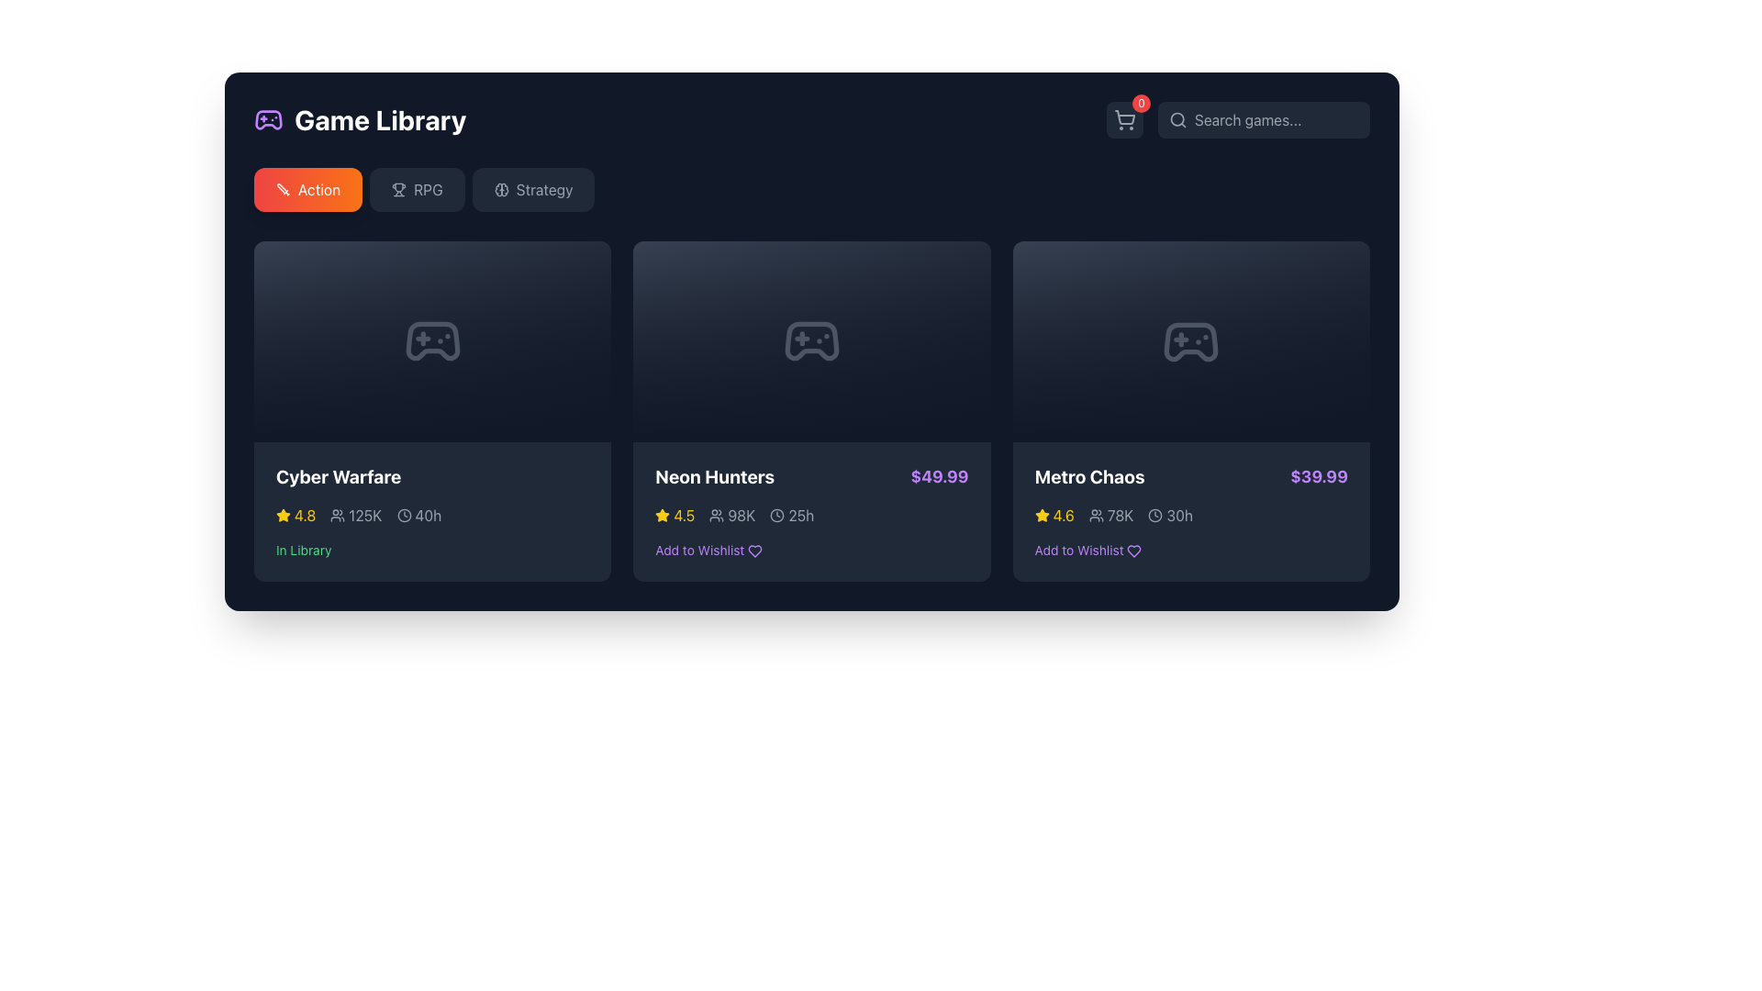 The width and height of the screenshot is (1762, 991). I want to click on the icon representing the game library section located to the left of the 'Game Library' text element in the header section, so click(267, 120).